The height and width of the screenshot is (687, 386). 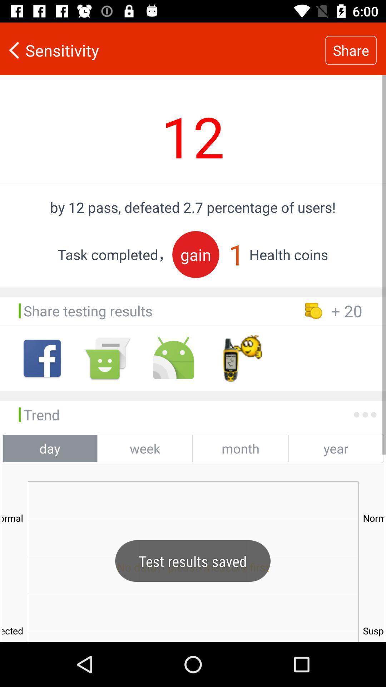 What do you see at coordinates (239, 358) in the screenshot?
I see `walkie talkie` at bounding box center [239, 358].